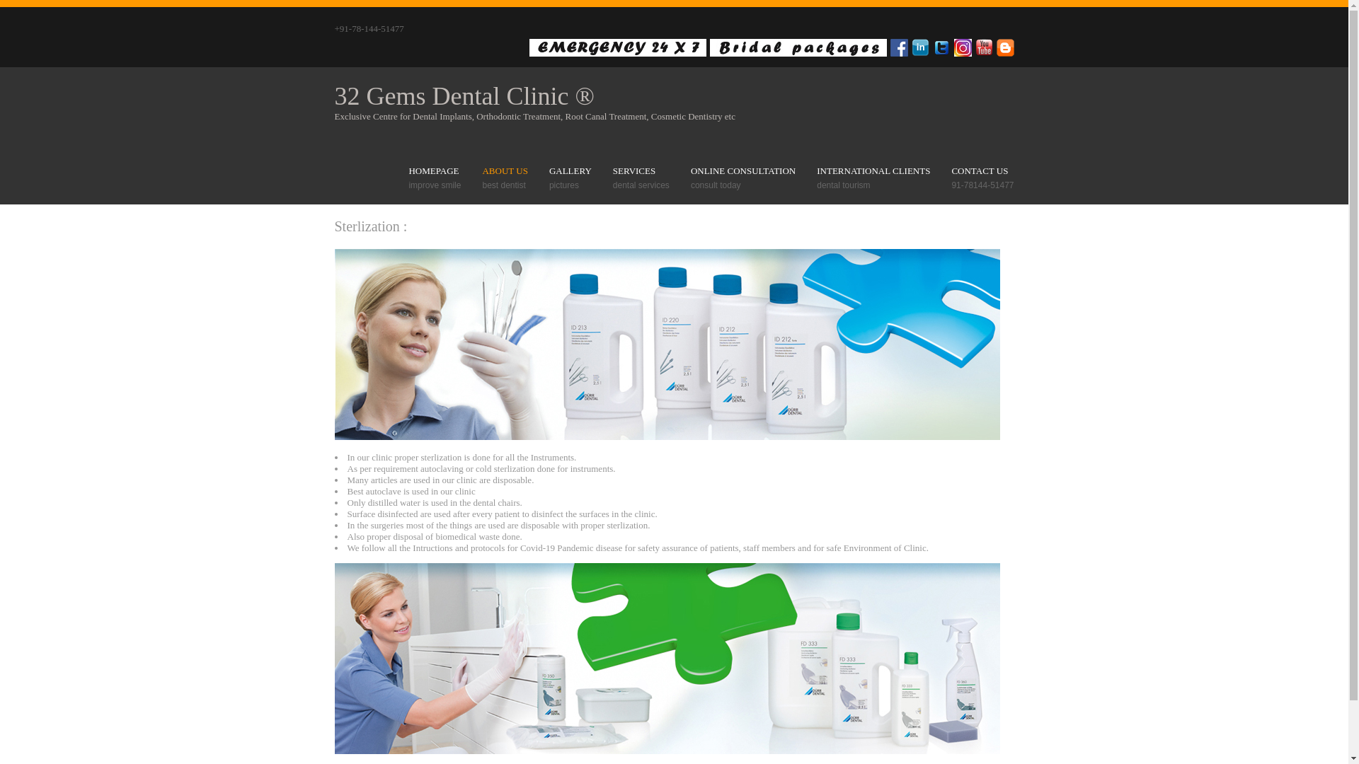  I want to click on 'ABOUT US', so click(482, 170).